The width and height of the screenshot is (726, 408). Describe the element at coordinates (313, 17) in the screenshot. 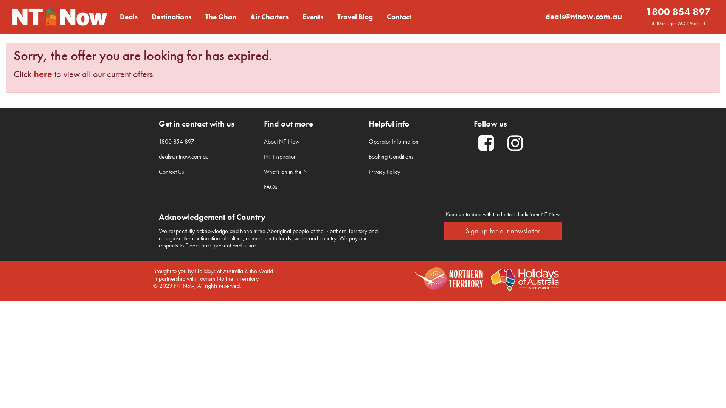

I see `'Events'` at that location.